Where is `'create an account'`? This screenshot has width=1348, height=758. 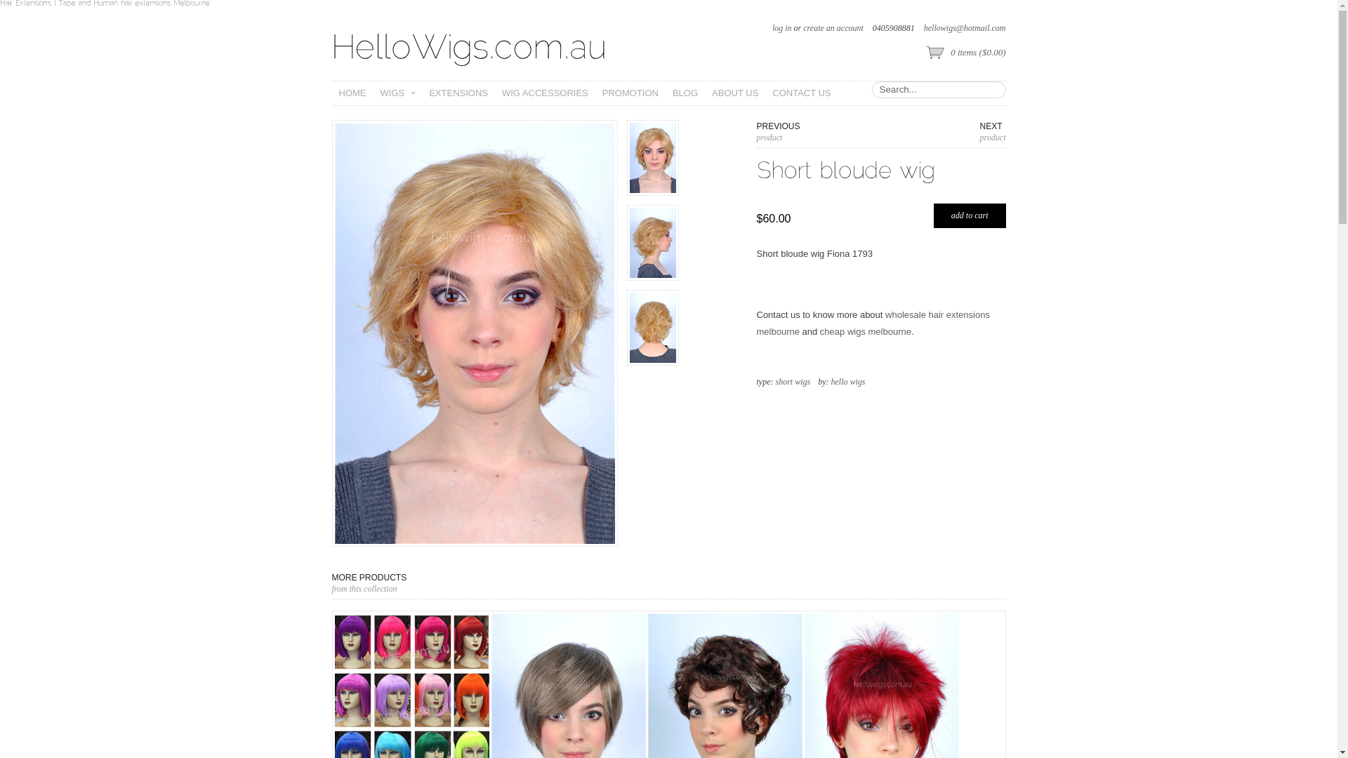
'create an account' is located at coordinates (802, 27).